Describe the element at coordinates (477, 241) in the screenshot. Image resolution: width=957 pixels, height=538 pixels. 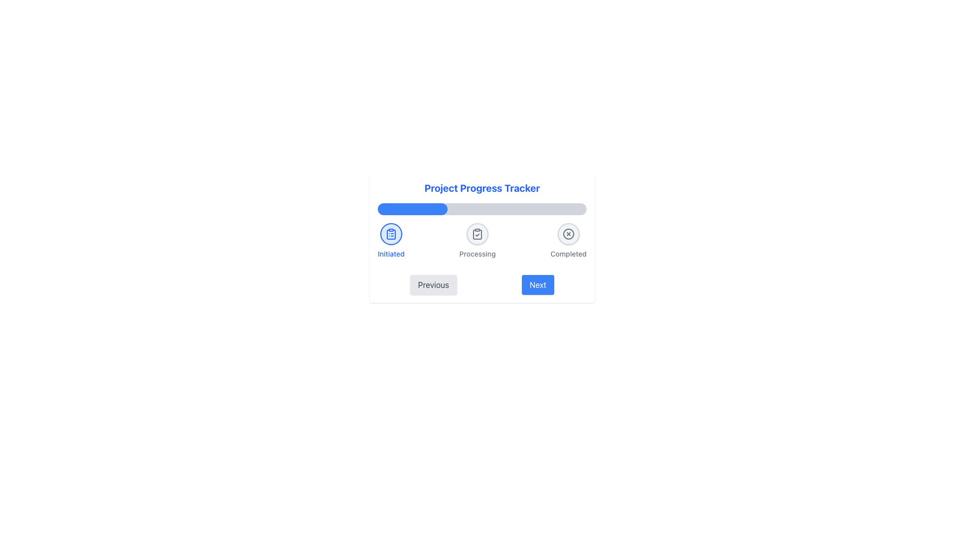
I see `the 'Processing' progress indicator, which is the middle element in a sequence of three progress states labeled 'Initiated', 'Processing', and 'Completed'` at that location.